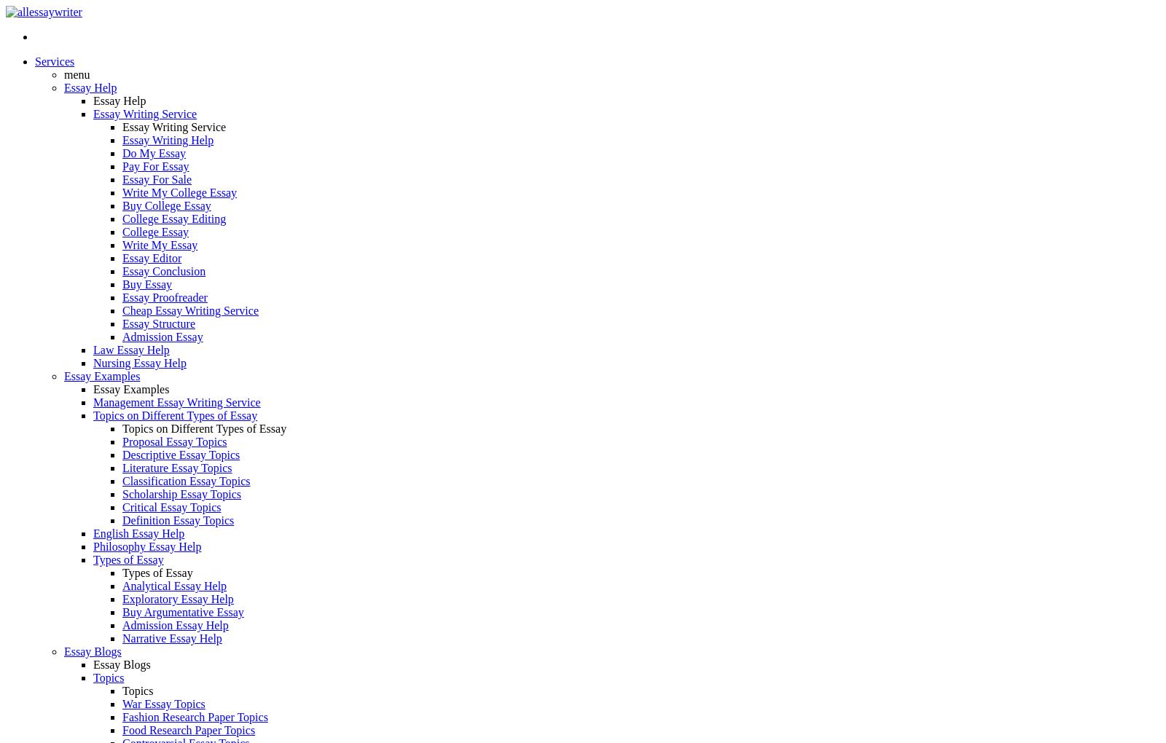 The width and height of the screenshot is (1166, 743). I want to click on 'Literature Essay Topics', so click(177, 468).